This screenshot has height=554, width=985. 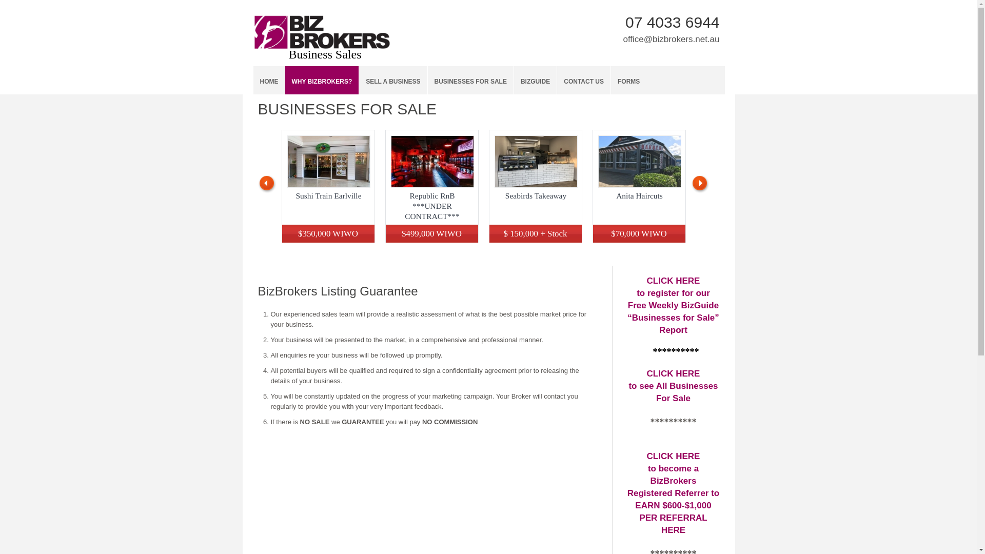 What do you see at coordinates (610, 80) in the screenshot?
I see `'FORMS'` at bounding box center [610, 80].